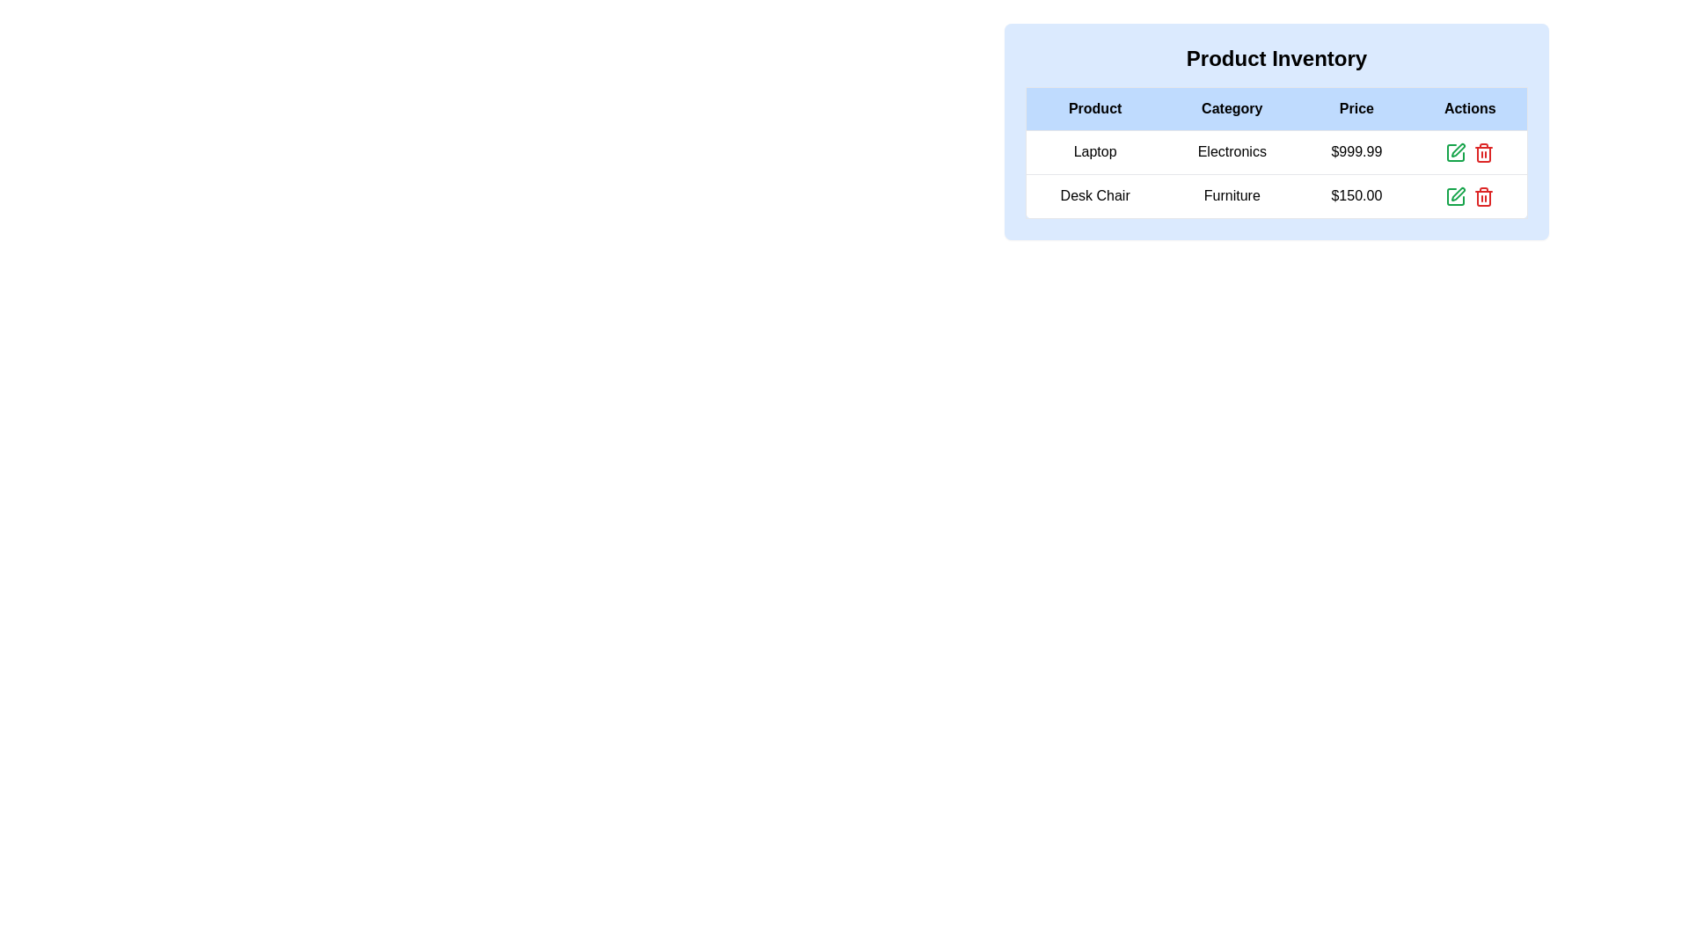 This screenshot has height=950, width=1689. Describe the element at coordinates (1456, 196) in the screenshot. I see `the green square pen icon in the 'Actions' column of the table associated with the 'Desk Chair' product` at that location.